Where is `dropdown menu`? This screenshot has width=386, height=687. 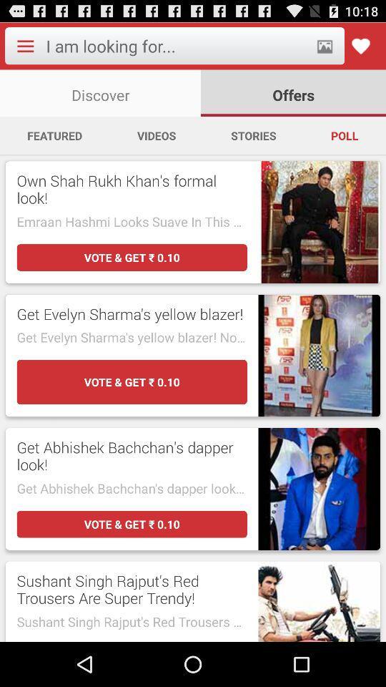 dropdown menu is located at coordinates (25, 46).